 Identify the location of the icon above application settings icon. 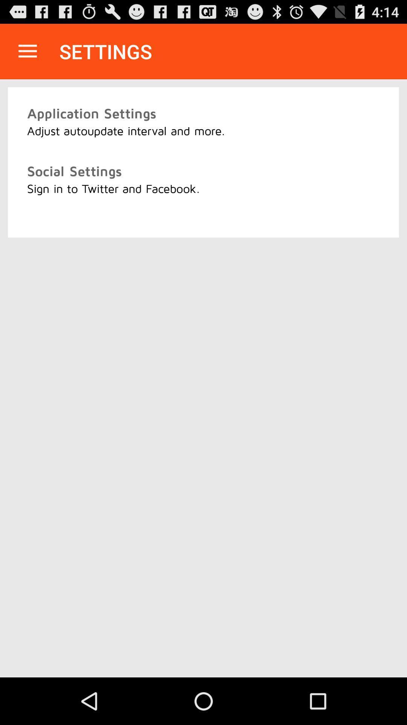
(27, 51).